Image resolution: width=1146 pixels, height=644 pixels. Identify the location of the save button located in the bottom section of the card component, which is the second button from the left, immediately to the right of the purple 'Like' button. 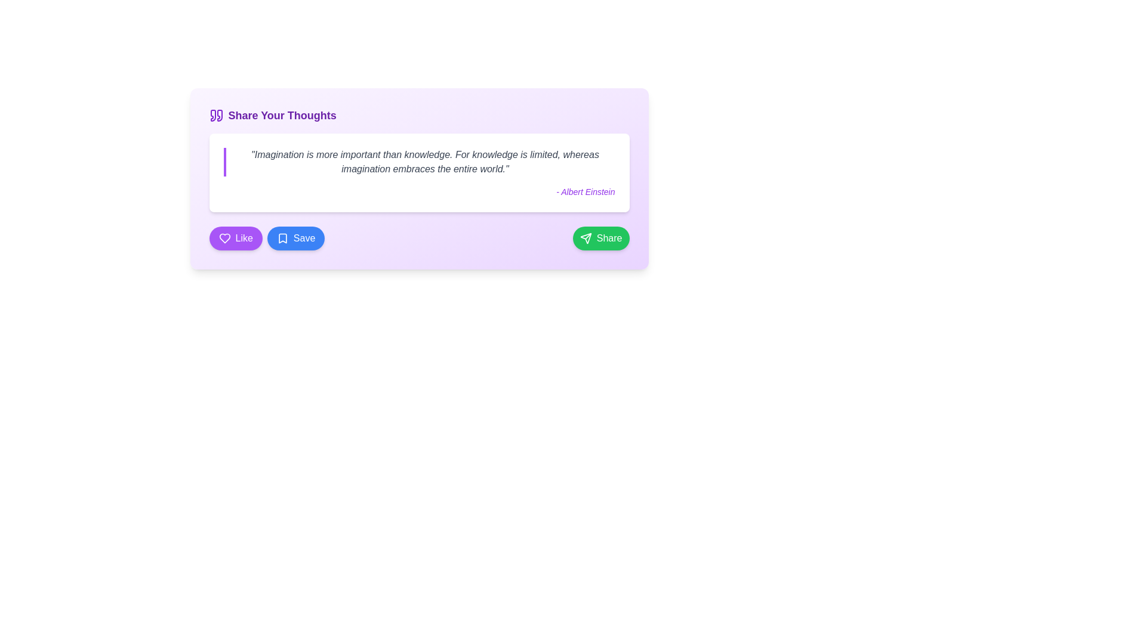
(296, 239).